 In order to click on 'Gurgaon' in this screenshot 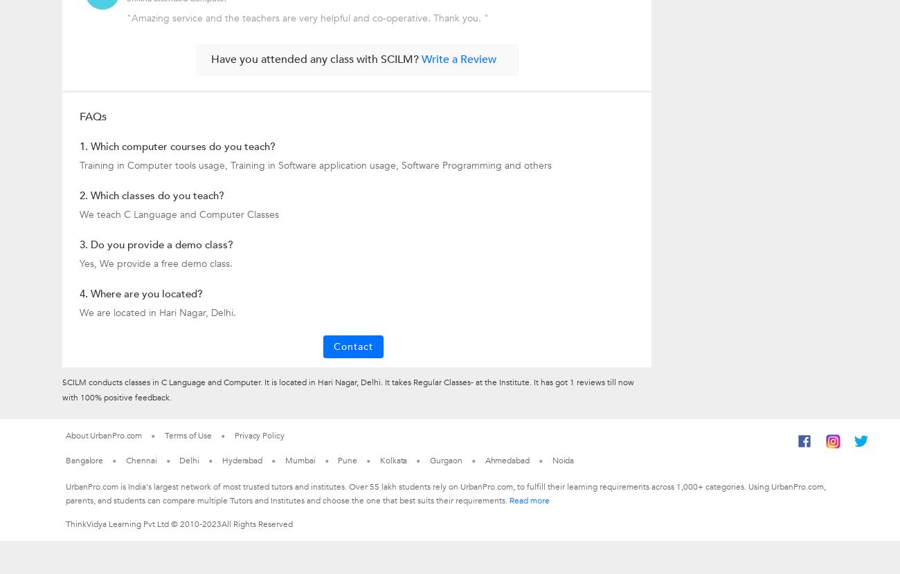, I will do `click(430, 460)`.